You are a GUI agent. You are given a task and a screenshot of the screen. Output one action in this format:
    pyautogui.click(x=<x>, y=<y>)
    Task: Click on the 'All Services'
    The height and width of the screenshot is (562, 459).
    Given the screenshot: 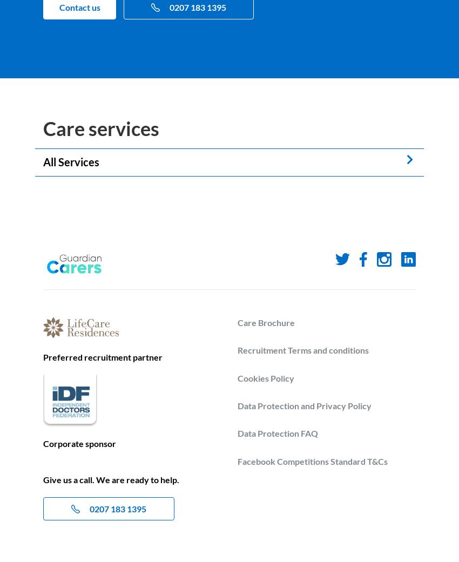 What is the action you would take?
    pyautogui.click(x=71, y=160)
    